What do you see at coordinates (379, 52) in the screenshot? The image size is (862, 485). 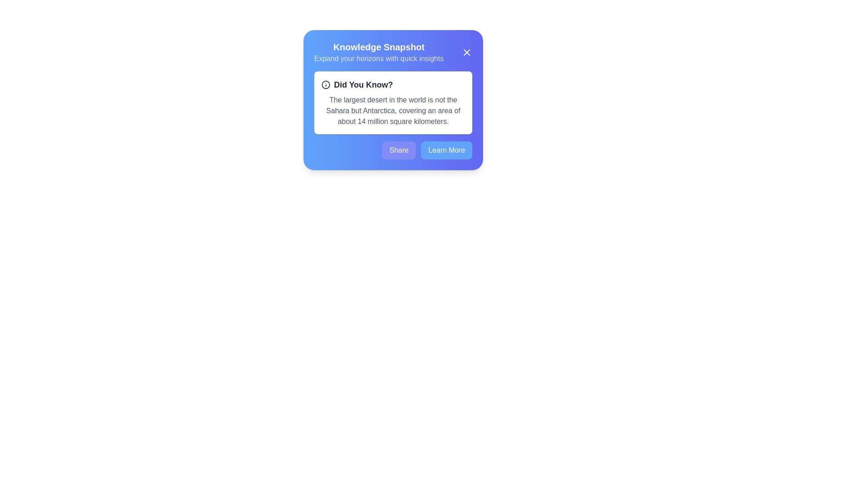 I see `title and subtitle text element located at the top-left of the modal window, which provides context and description for the content` at bounding box center [379, 52].